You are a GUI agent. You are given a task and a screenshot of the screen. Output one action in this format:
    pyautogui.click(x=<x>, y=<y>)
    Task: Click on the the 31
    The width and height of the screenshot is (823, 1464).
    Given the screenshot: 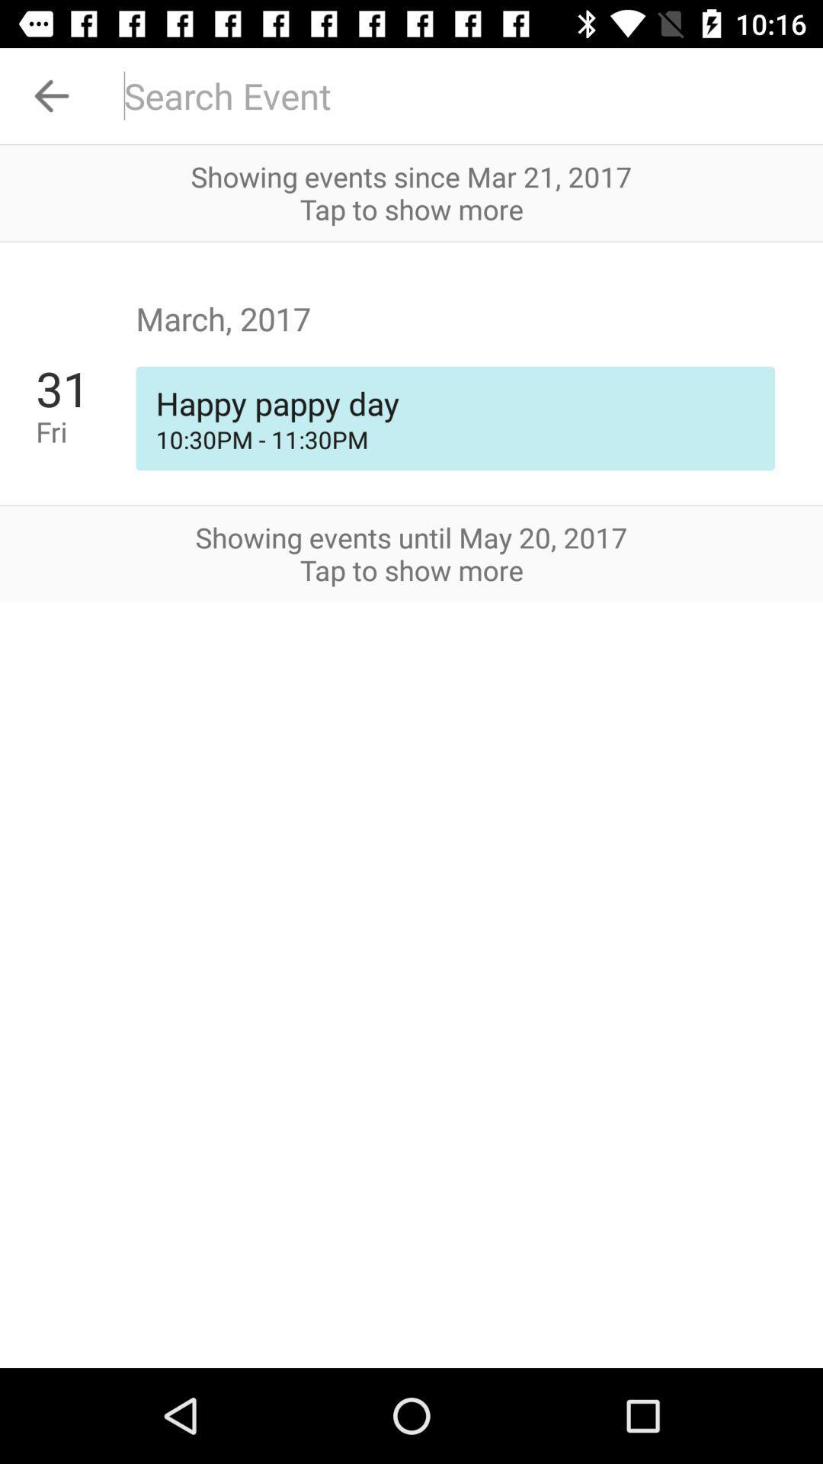 What is the action you would take?
    pyautogui.click(x=85, y=388)
    